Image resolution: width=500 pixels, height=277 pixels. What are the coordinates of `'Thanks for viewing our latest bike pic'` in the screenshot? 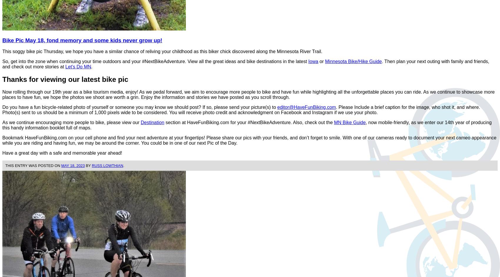 It's located at (65, 79).